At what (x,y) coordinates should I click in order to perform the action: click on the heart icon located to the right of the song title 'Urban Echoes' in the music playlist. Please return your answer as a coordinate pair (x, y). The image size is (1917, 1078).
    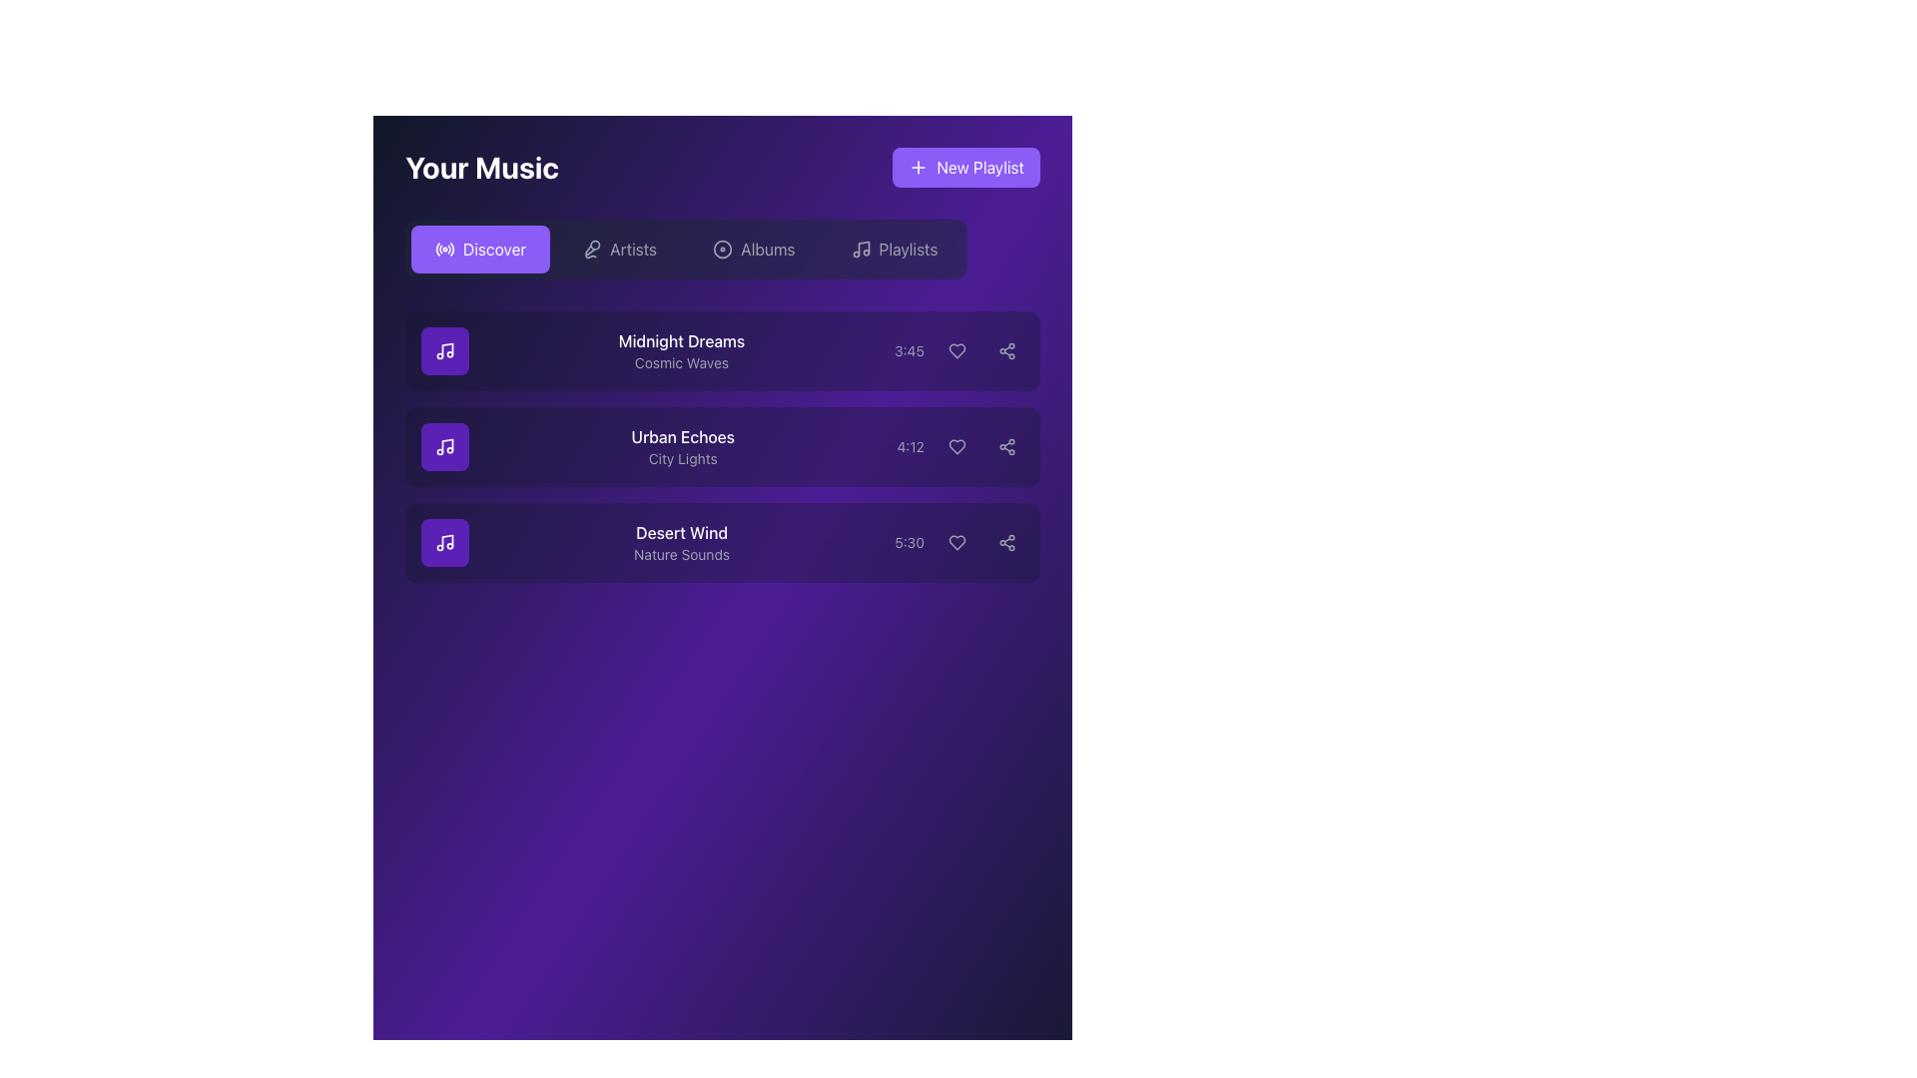
    Looking at the image, I should click on (957, 445).